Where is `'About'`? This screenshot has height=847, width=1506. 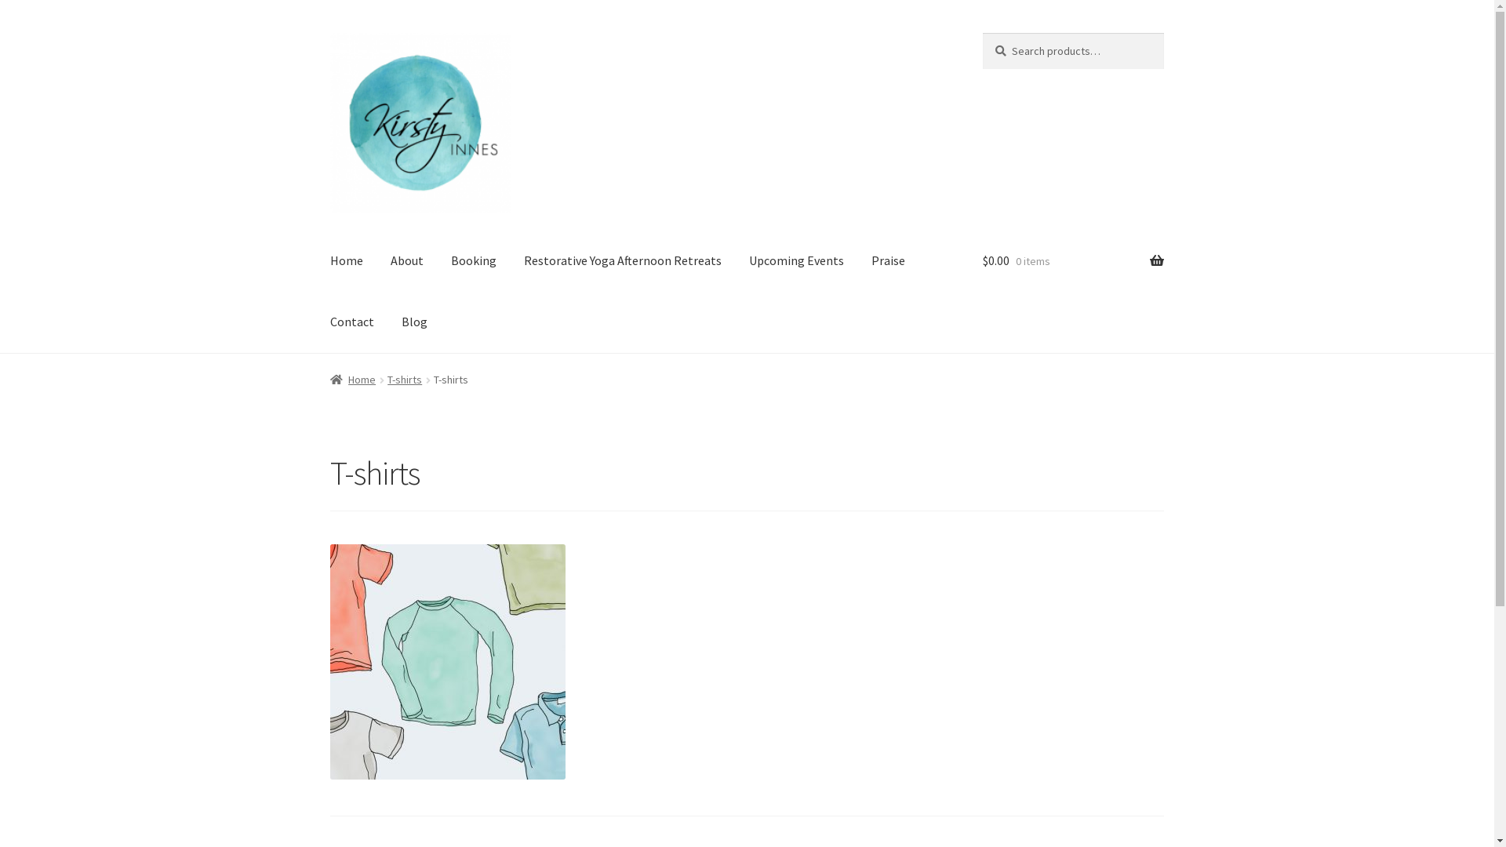 'About' is located at coordinates (406, 261).